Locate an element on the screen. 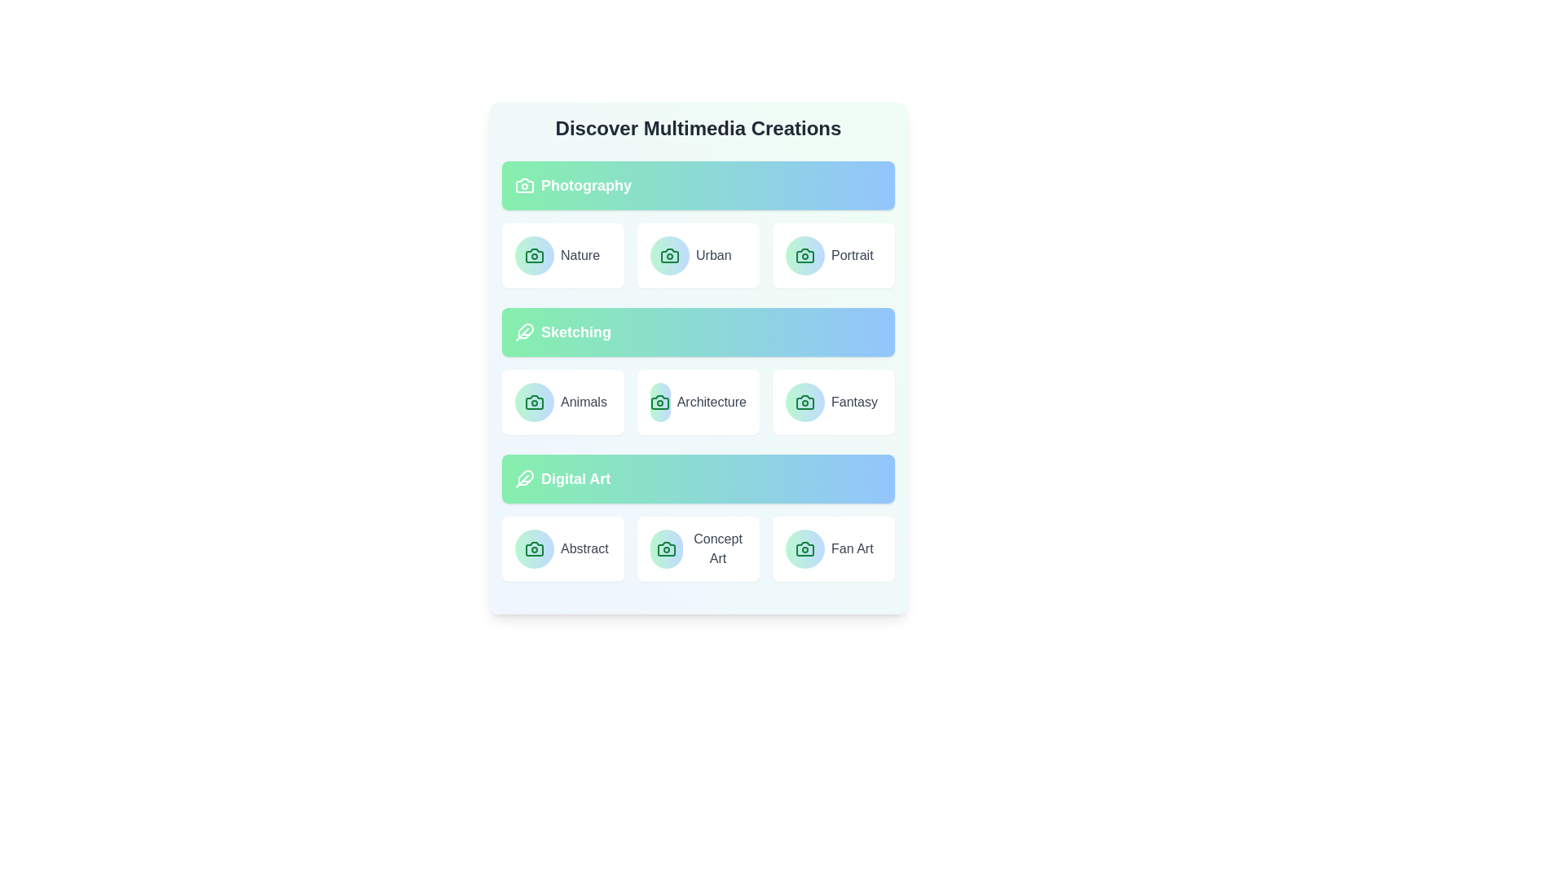 The width and height of the screenshot is (1565, 880). the item Nature within the category Photography is located at coordinates (563, 255).